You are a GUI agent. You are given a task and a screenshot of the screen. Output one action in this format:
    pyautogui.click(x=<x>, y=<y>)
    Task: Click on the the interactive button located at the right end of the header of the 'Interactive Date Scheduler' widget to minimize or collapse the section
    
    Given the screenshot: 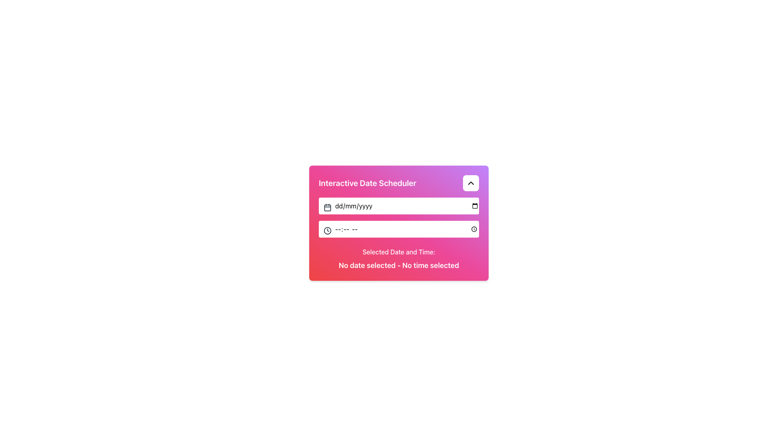 What is the action you would take?
    pyautogui.click(x=471, y=183)
    